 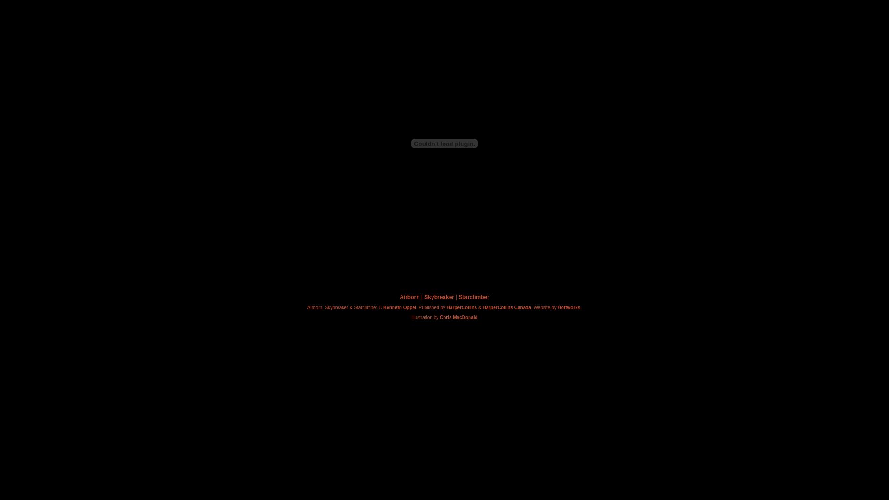 What do you see at coordinates (409, 297) in the screenshot?
I see `'Airborn'` at bounding box center [409, 297].